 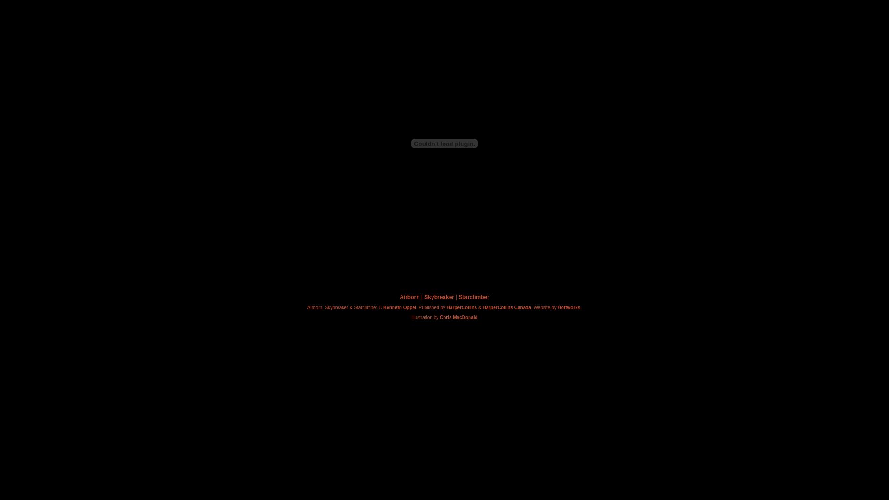 What do you see at coordinates (409, 297) in the screenshot?
I see `'Airborn'` at bounding box center [409, 297].